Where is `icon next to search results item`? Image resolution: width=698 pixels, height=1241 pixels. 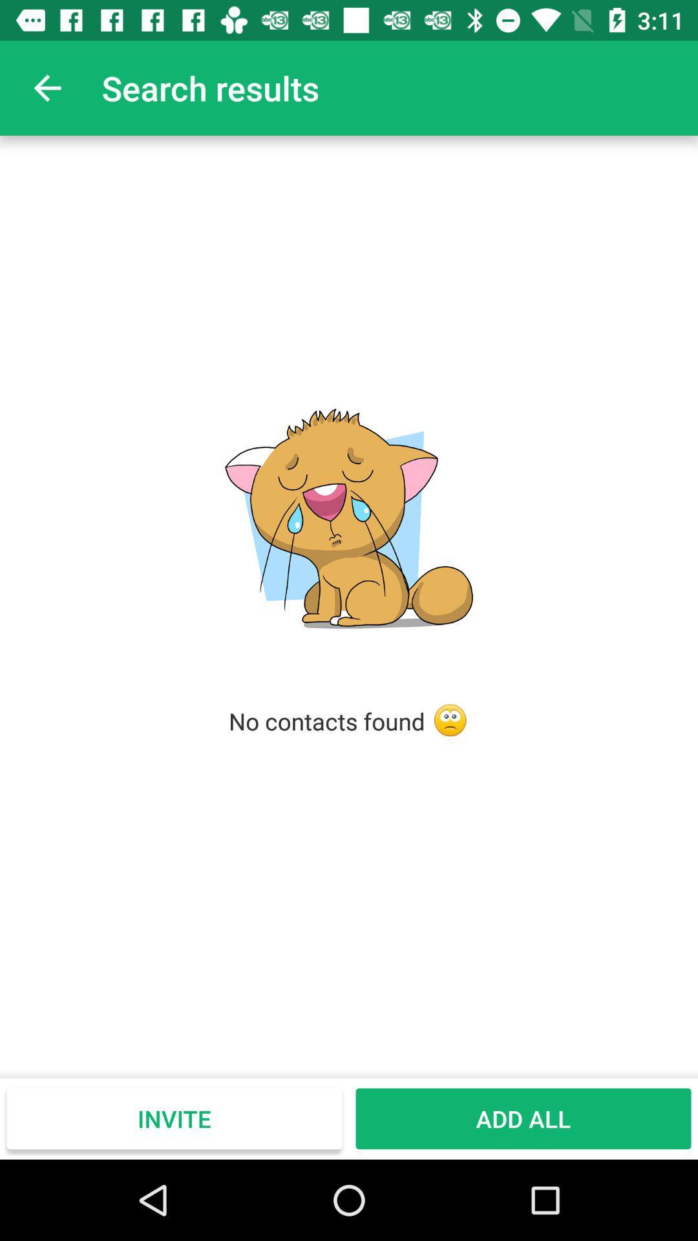
icon next to search results item is located at coordinates (47, 87).